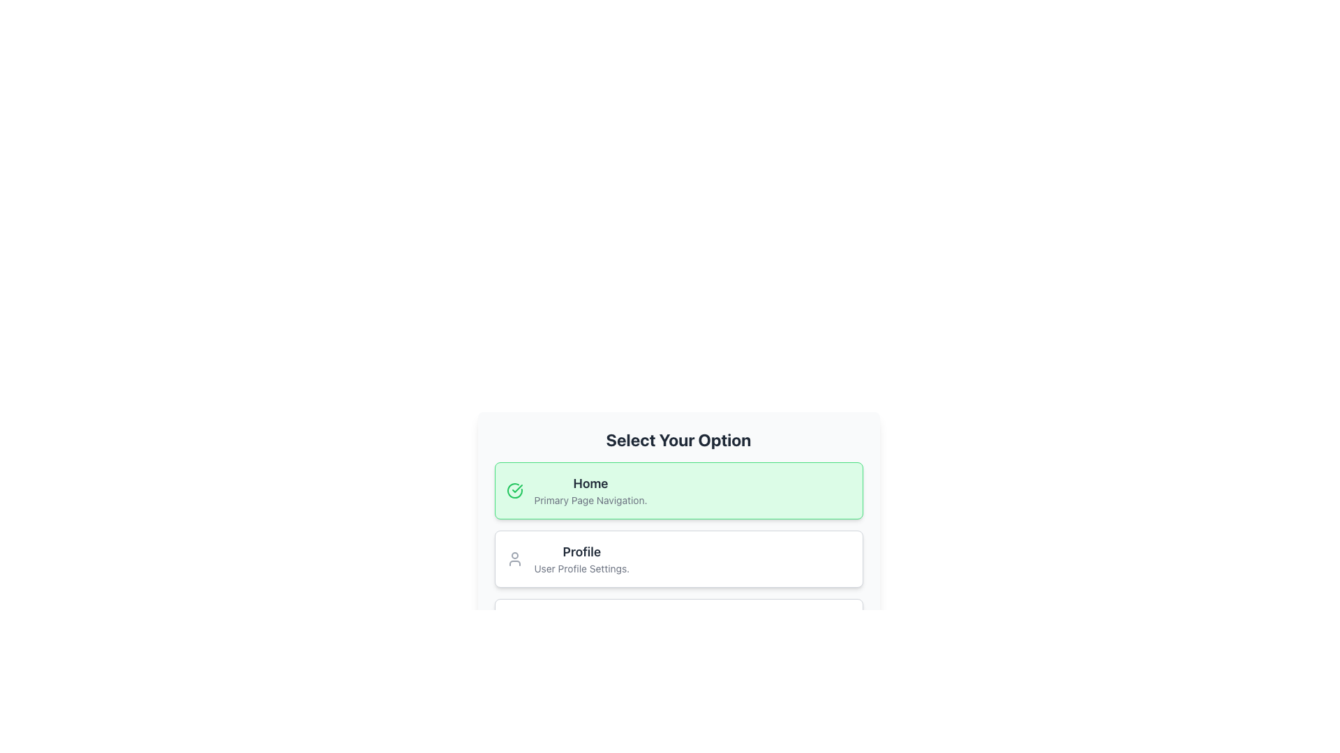 This screenshot has height=753, width=1340. I want to click on the user profile settings button, which is the second item in a vertical list within a centered card layout, located below the 'Home' option and above the 'Work' option, so click(678, 558).